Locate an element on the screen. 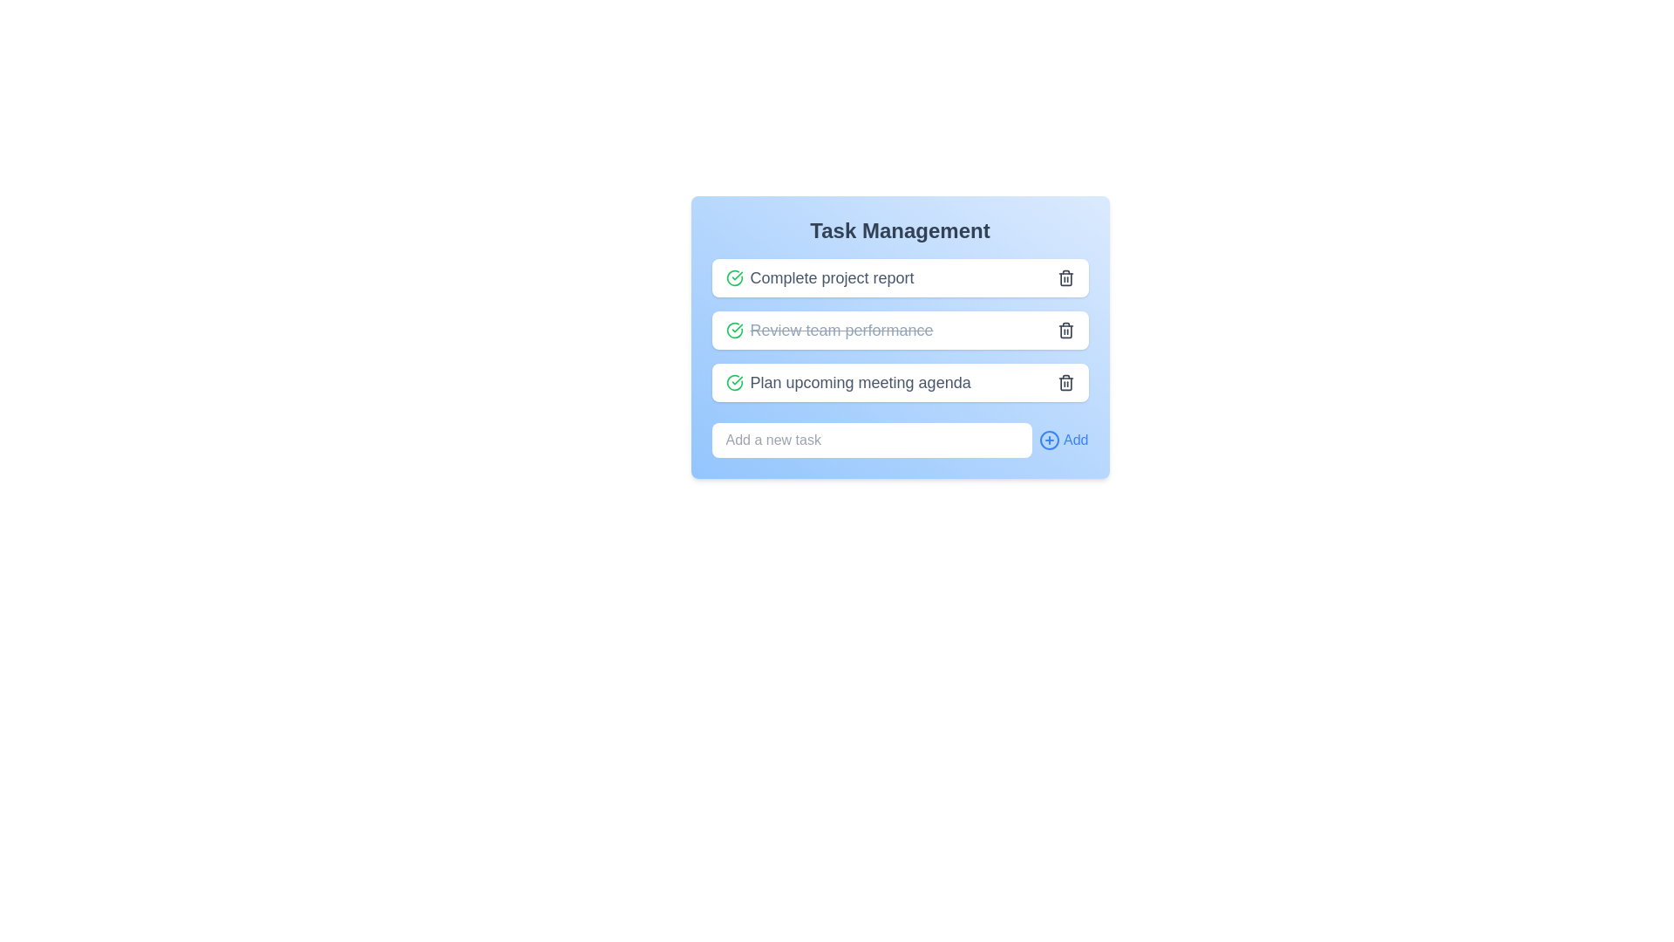 The width and height of the screenshot is (1674, 942). the circular green checkmark icon located to the immediate left of the text 'Review team performance' in the task management panel is located at coordinates (734, 330).